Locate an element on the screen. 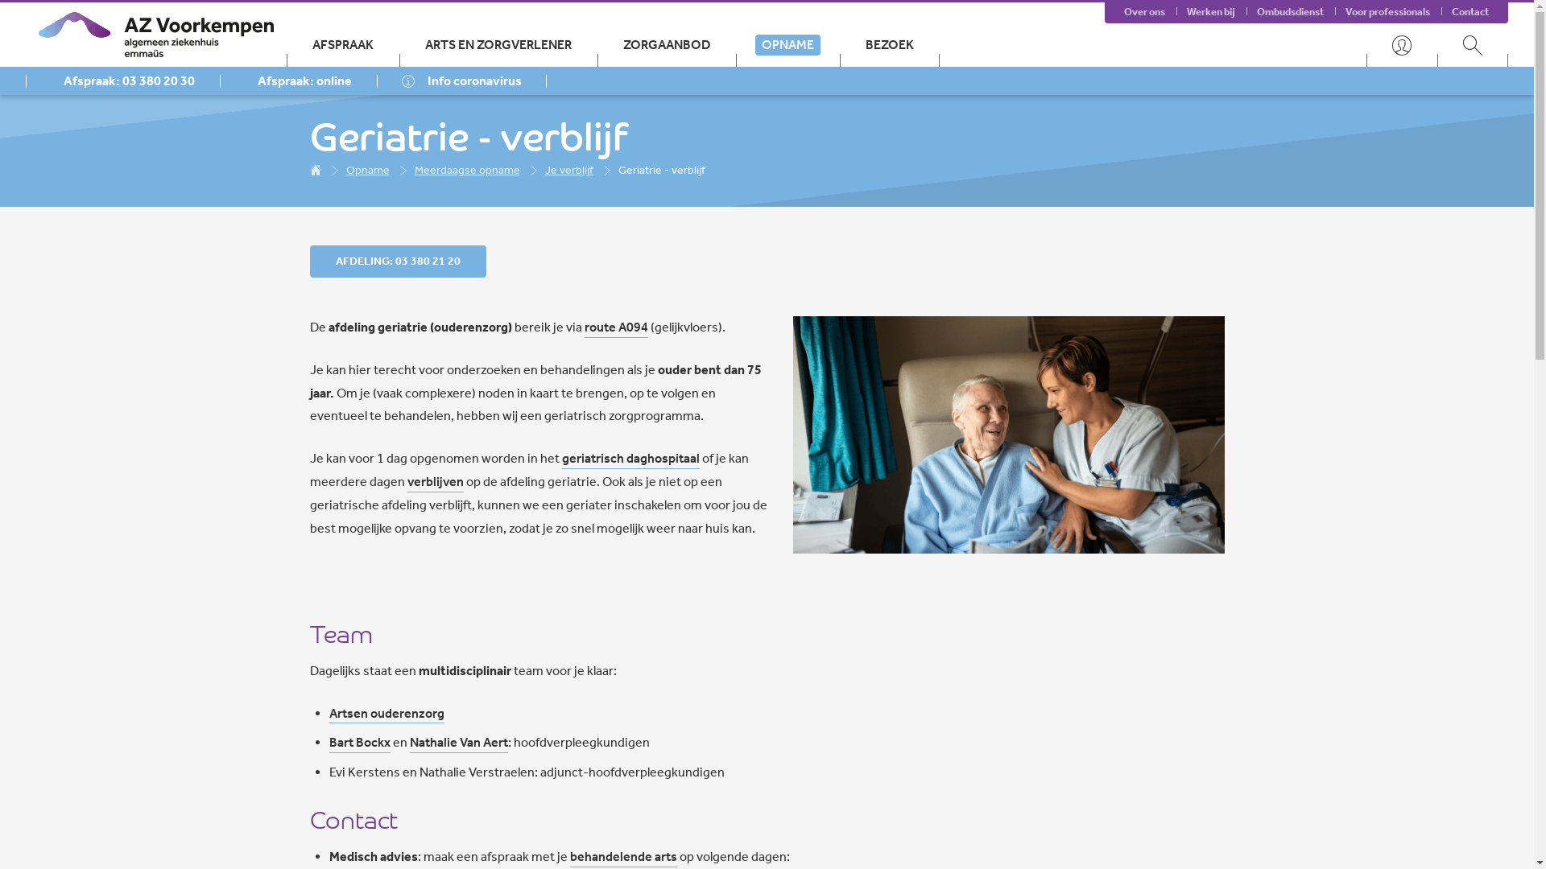 The width and height of the screenshot is (1546, 869). 'ARTS EN ZORGVERLENER' is located at coordinates (498, 44).